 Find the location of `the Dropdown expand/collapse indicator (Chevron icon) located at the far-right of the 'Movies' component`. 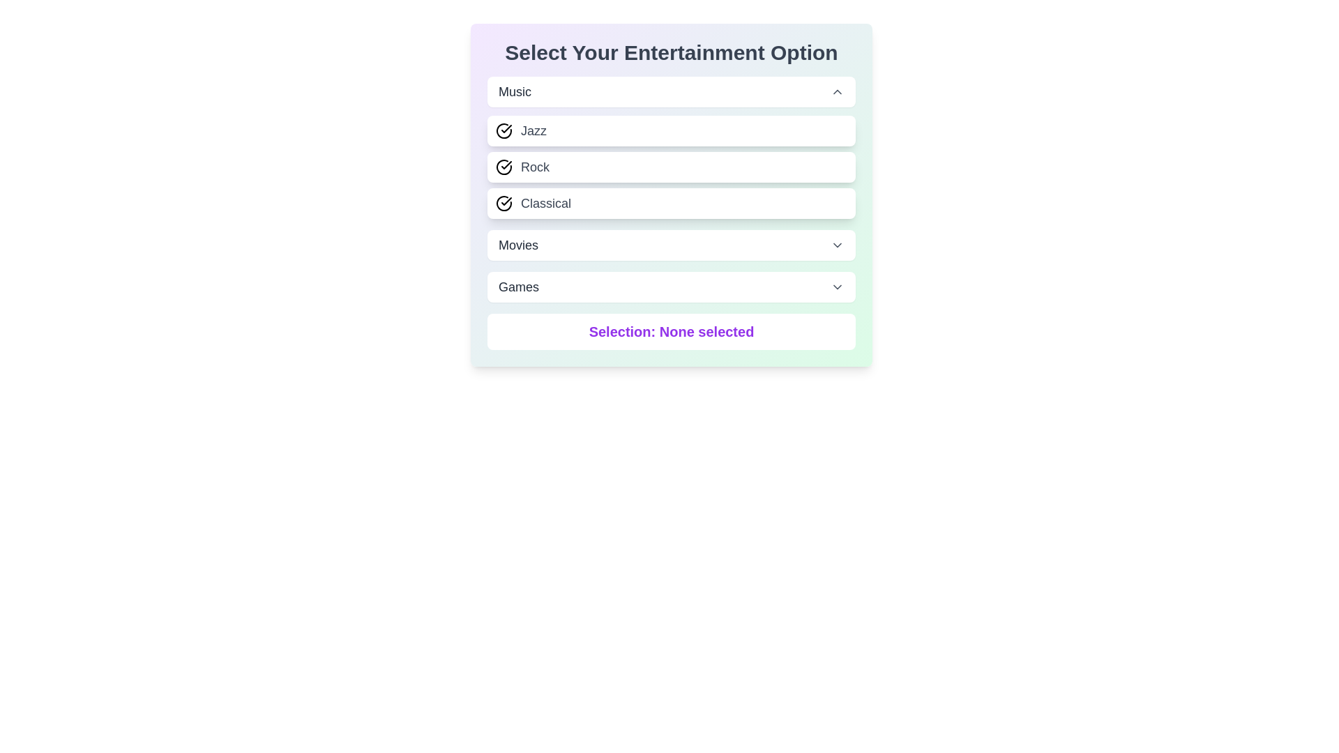

the Dropdown expand/collapse indicator (Chevron icon) located at the far-right of the 'Movies' component is located at coordinates (837, 244).